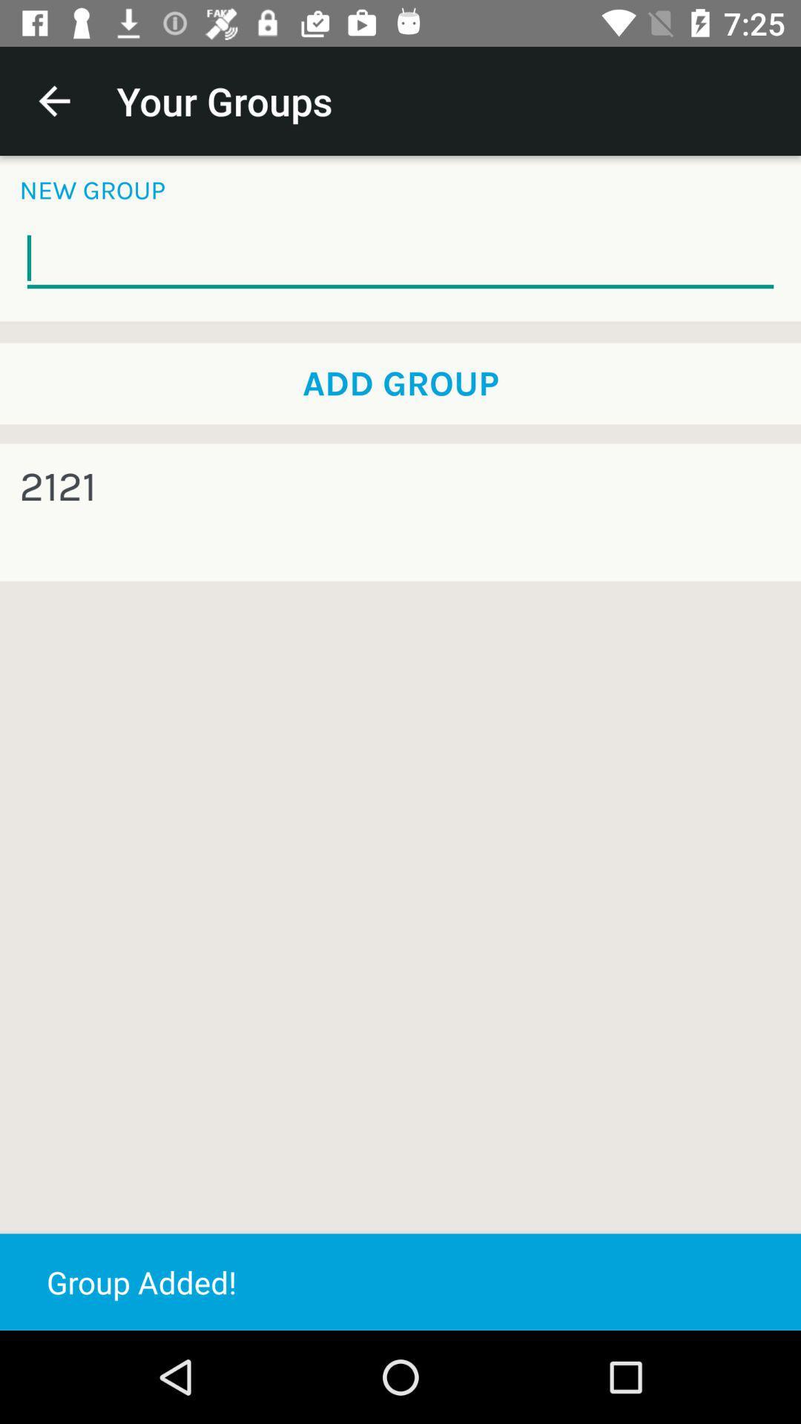 This screenshot has height=1424, width=801. I want to click on icon to the left of your groups app, so click(53, 100).